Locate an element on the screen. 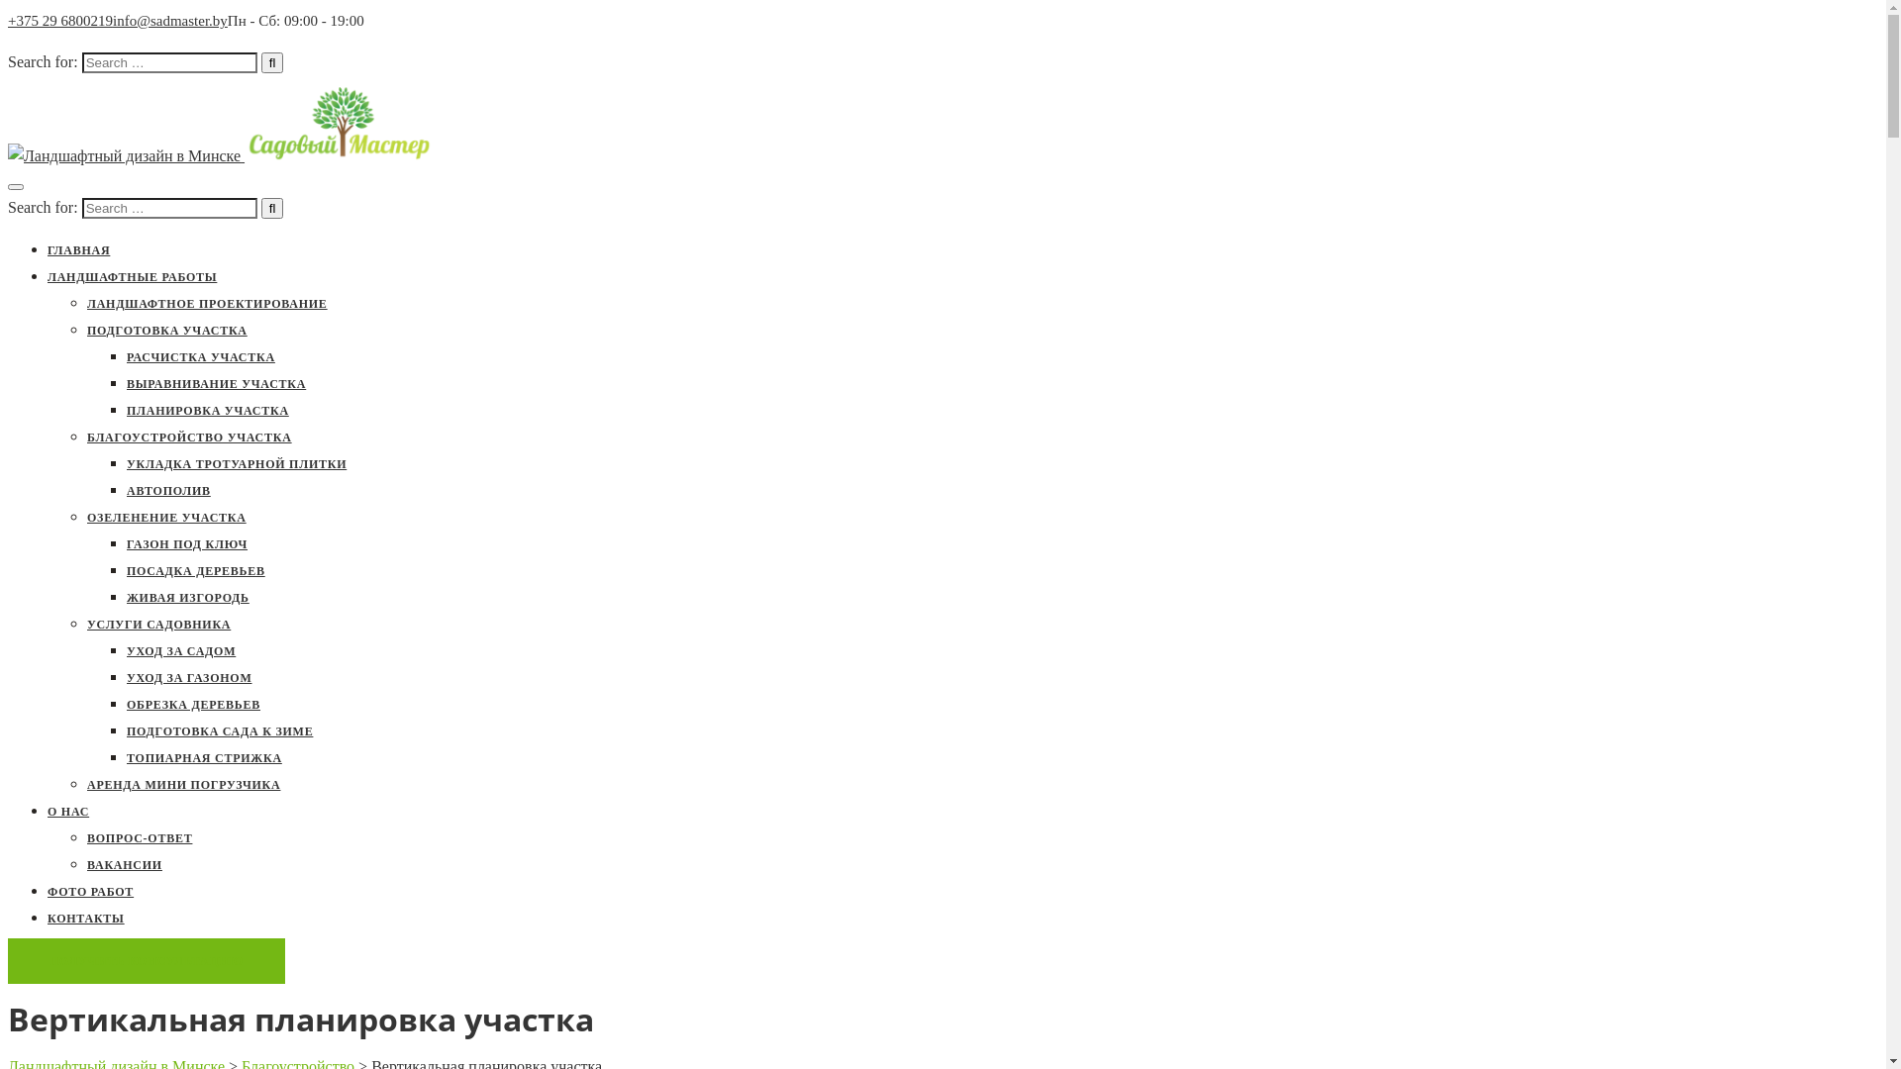 The image size is (1901, 1069). 'info@sadmaster.by' is located at coordinates (170, 20).